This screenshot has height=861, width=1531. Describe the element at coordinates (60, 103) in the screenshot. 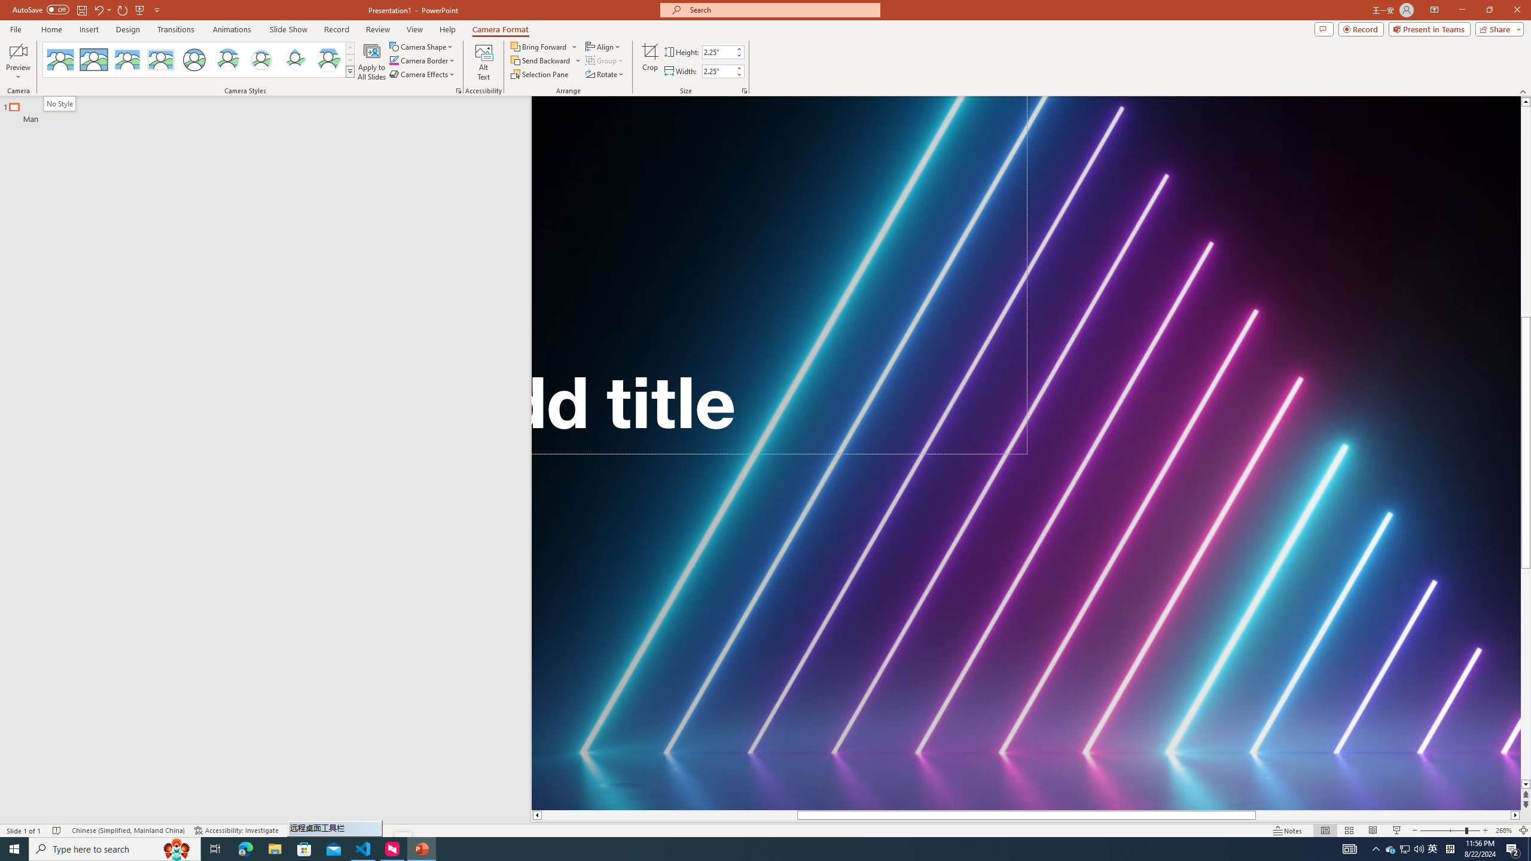

I see `'No Style'` at that location.